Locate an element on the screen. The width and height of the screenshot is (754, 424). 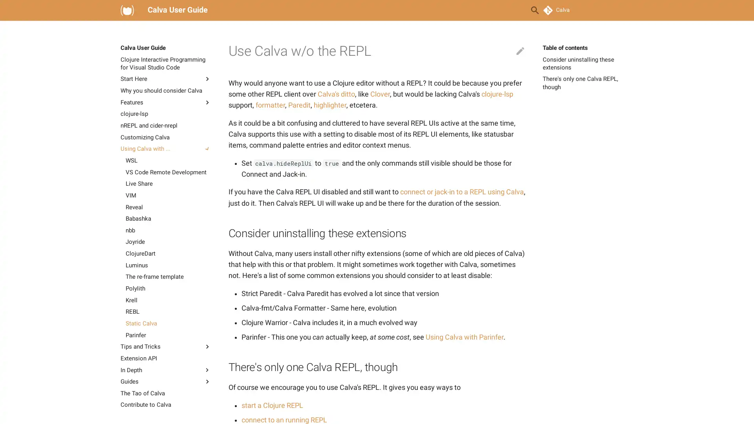
Clear is located at coordinates (516, 10).